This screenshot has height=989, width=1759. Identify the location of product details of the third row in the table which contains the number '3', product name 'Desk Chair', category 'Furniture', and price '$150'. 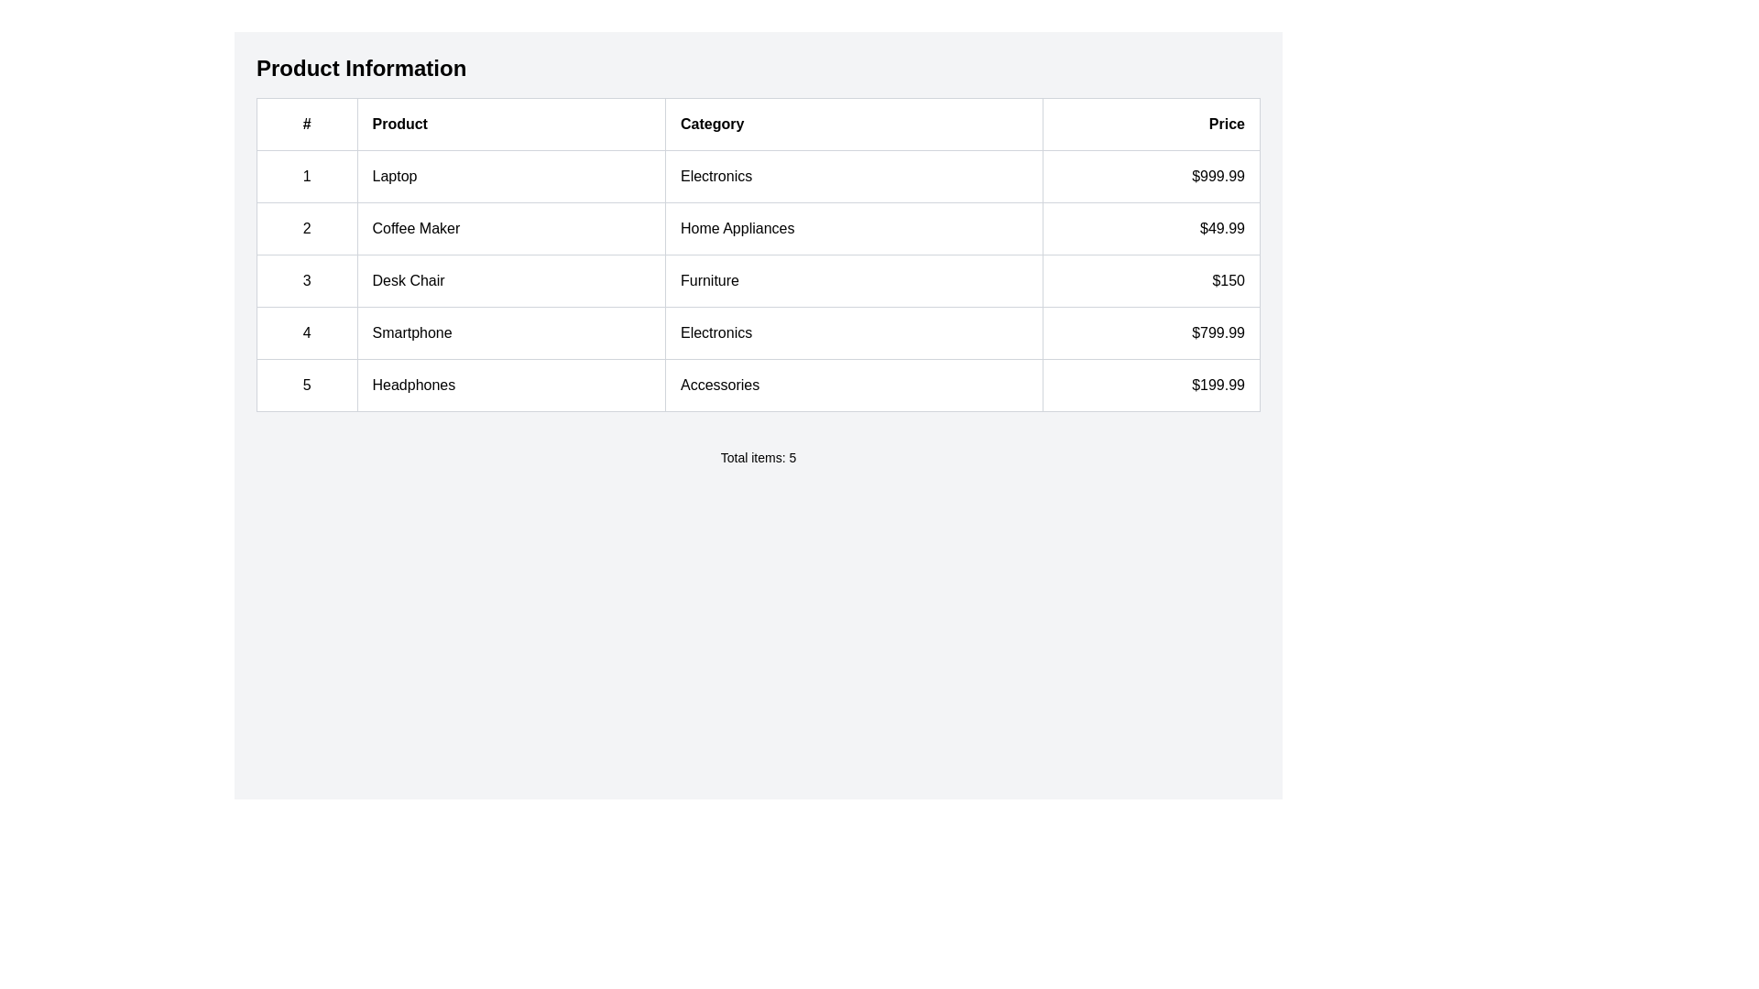
(759, 281).